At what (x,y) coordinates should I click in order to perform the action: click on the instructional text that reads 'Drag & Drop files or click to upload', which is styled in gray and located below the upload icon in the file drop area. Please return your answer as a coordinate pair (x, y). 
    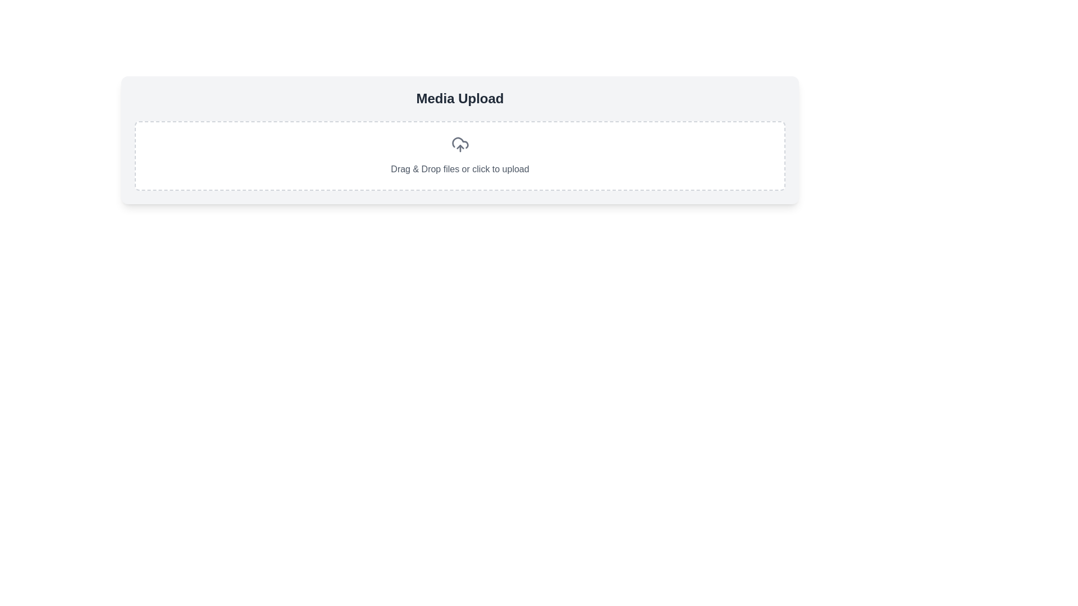
    Looking at the image, I should click on (460, 169).